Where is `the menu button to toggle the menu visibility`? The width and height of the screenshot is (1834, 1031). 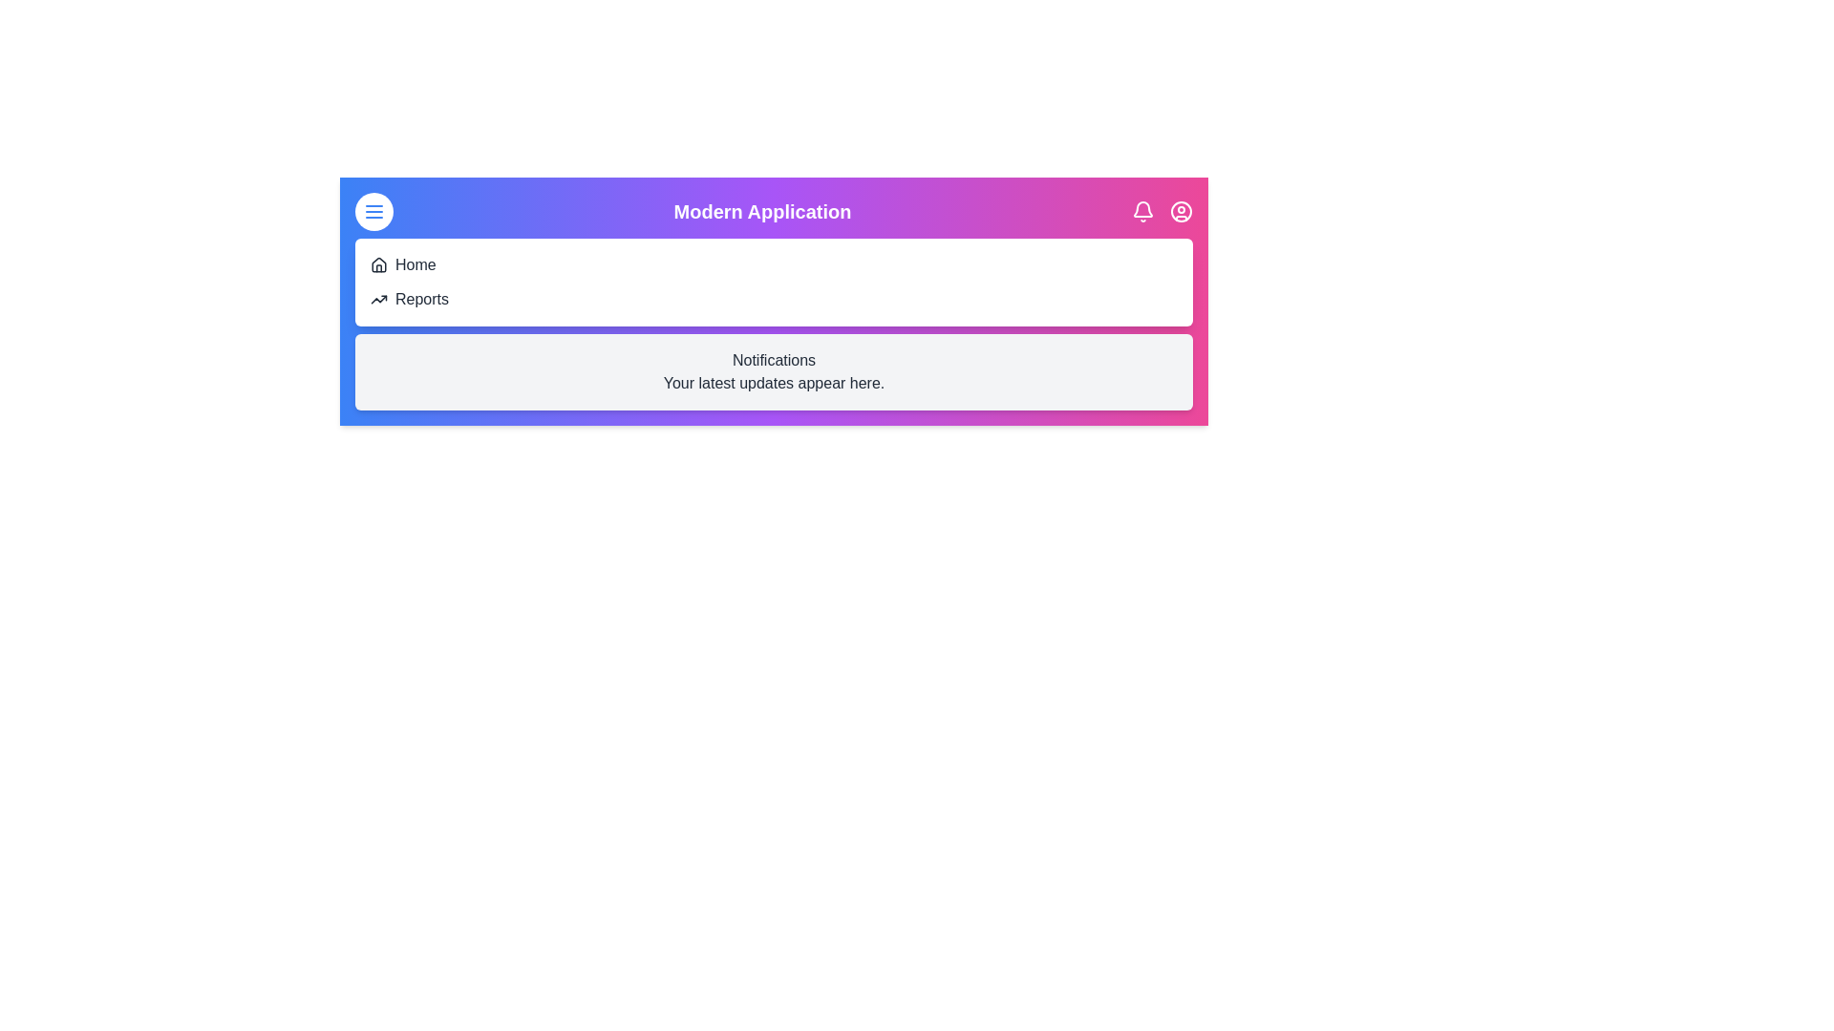
the menu button to toggle the menu visibility is located at coordinates (374, 212).